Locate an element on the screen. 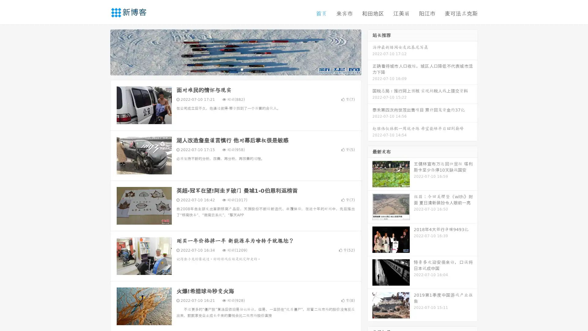  Previous slide is located at coordinates (101, 51).